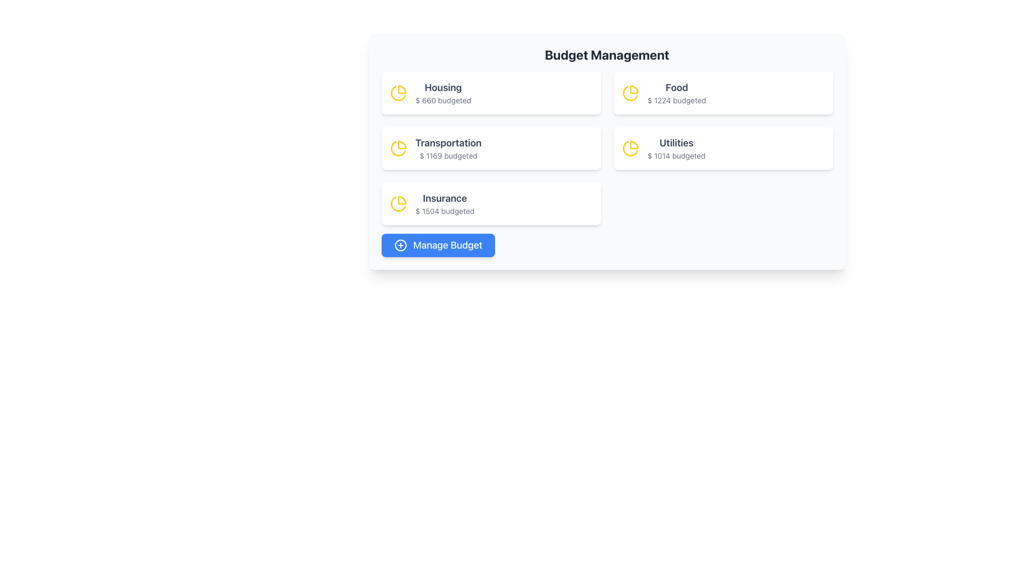 This screenshot has height=575, width=1022. What do you see at coordinates (676, 92) in the screenshot?
I see `information displayed in the Textual Information Display labeled 'Food' with an allocated budget of $1224, located in the top-right quadrant of the interface` at bounding box center [676, 92].